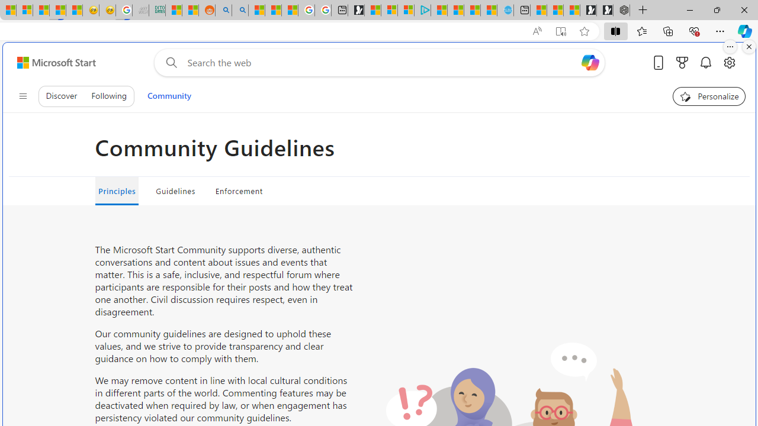 The image size is (758, 426). What do you see at coordinates (706, 62) in the screenshot?
I see `'Notifications'` at bounding box center [706, 62].